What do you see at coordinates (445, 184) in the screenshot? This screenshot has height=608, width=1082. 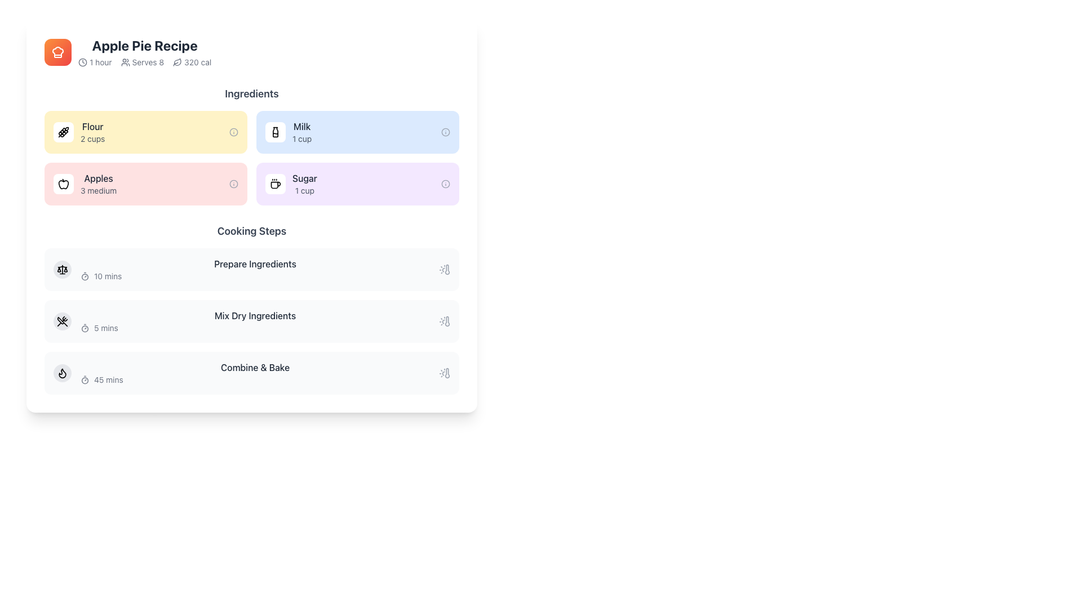 I see `the circular graphic element located in the bottom-right corner of the 'Sugar' ingredient card, which has a stroke-defined outer boundary and no visible fill` at bounding box center [445, 184].